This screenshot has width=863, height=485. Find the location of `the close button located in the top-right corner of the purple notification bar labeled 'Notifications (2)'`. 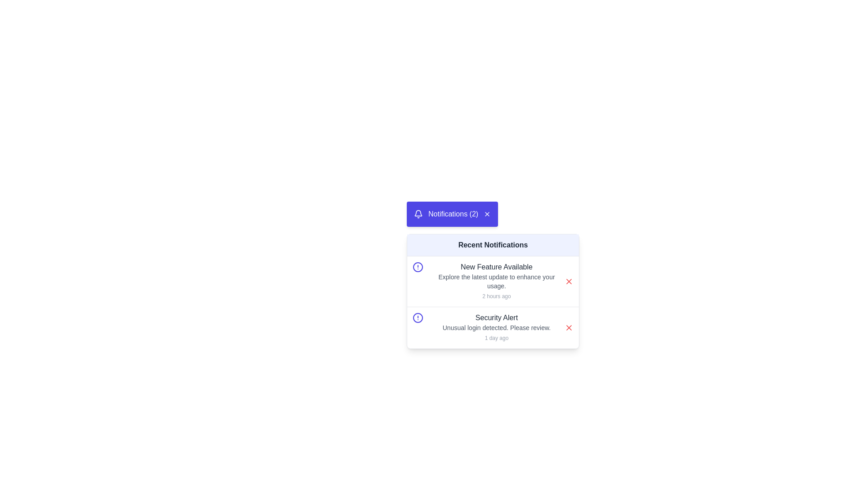

the close button located in the top-right corner of the purple notification bar labeled 'Notifications (2)' is located at coordinates (487, 214).